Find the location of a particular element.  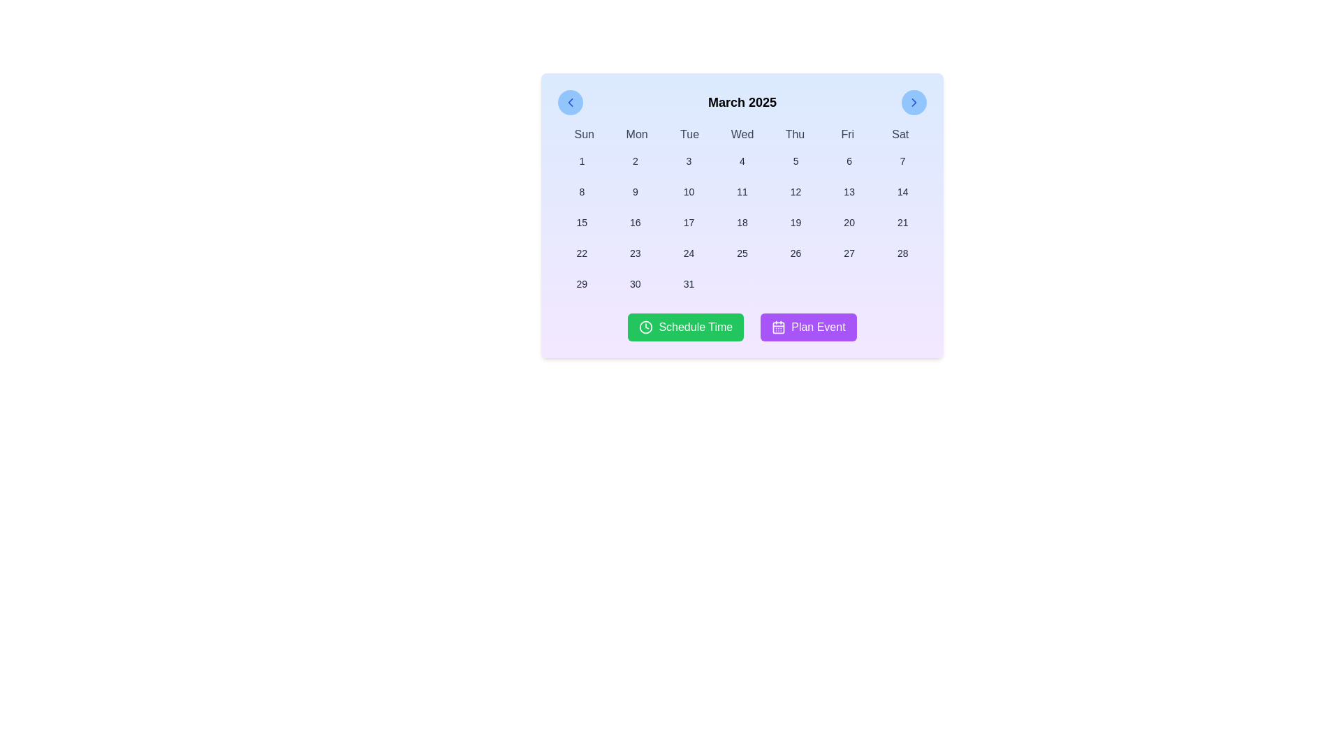

the button labeled '11' located in the second row and fourth column of the calendar grid is located at coordinates (741, 191).